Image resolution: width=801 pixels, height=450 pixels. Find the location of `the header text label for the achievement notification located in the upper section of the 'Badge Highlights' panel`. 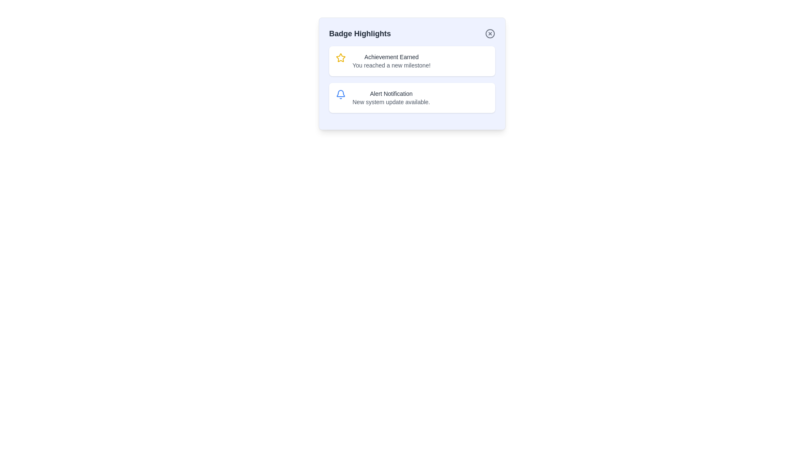

the header text label for the achievement notification located in the upper section of the 'Badge Highlights' panel is located at coordinates (391, 57).